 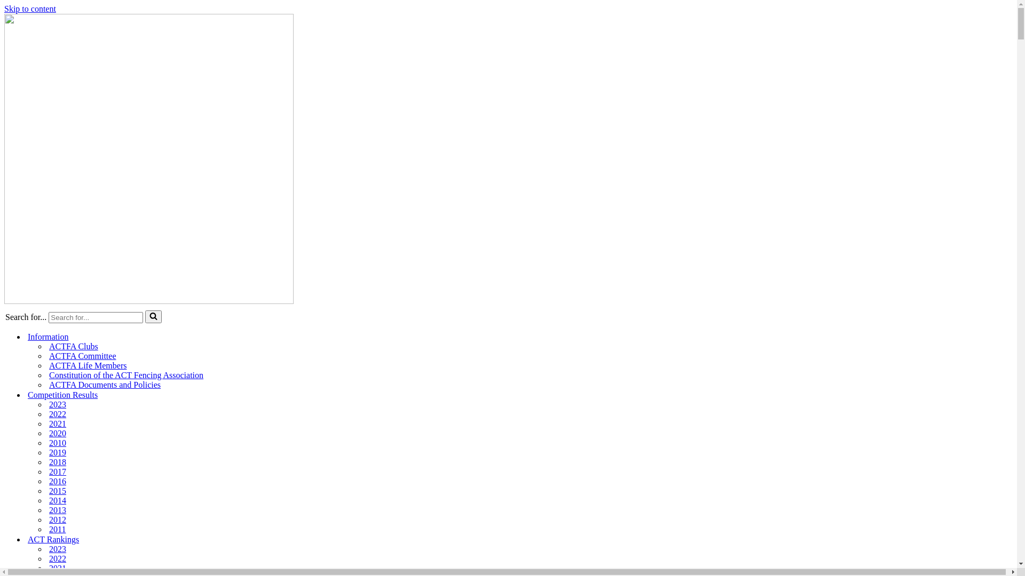 I want to click on '2023', so click(x=57, y=405).